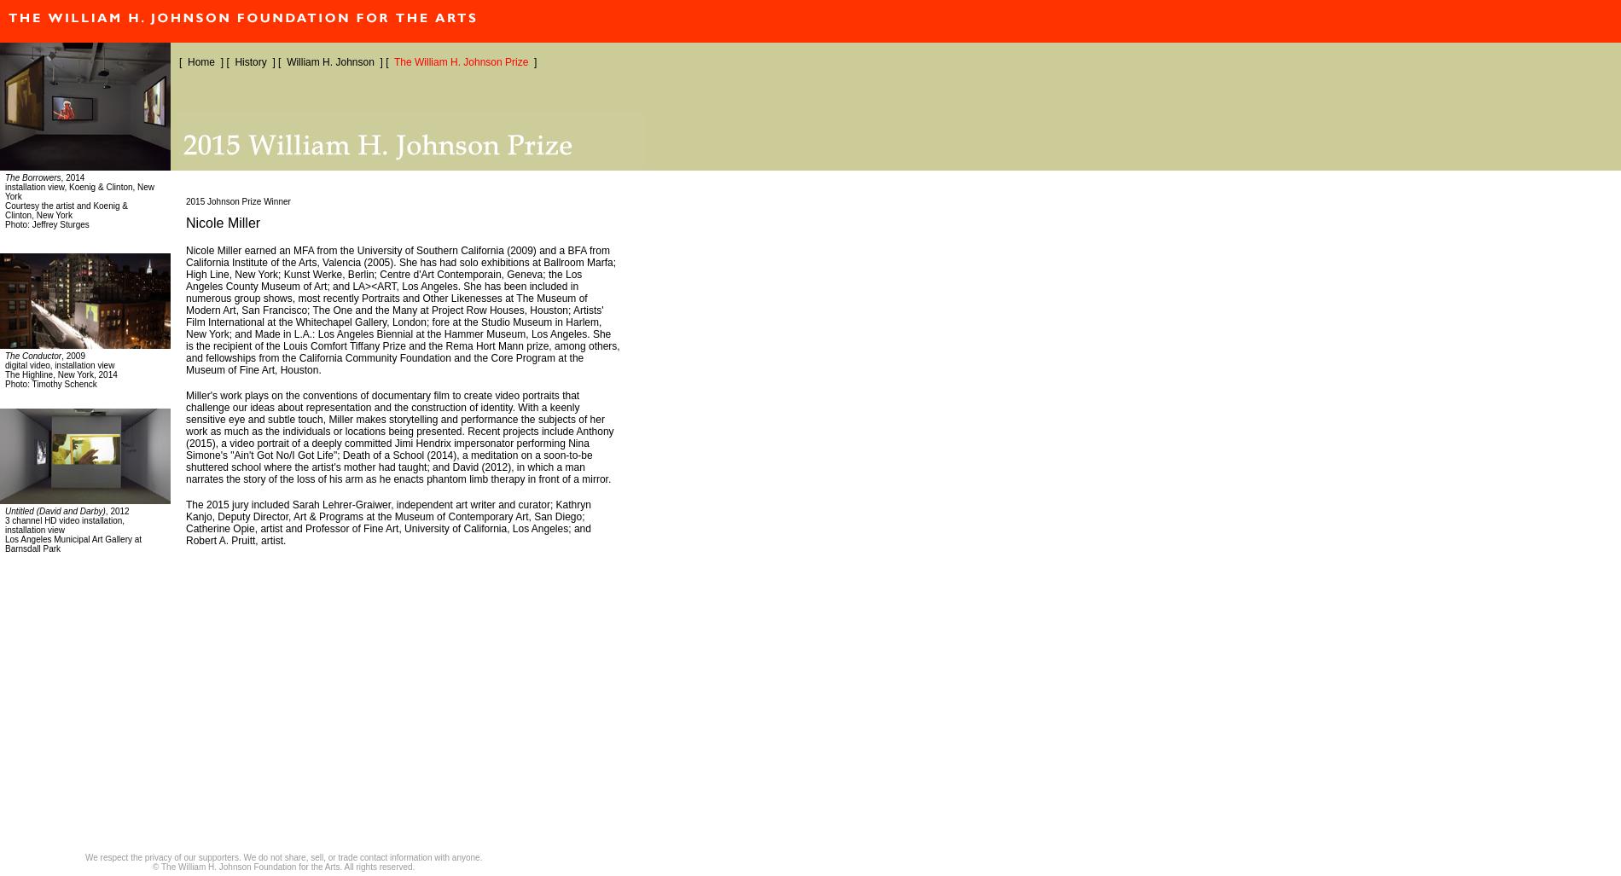 This screenshot has height=876, width=1621. I want to click on '<', so click(14, 17).